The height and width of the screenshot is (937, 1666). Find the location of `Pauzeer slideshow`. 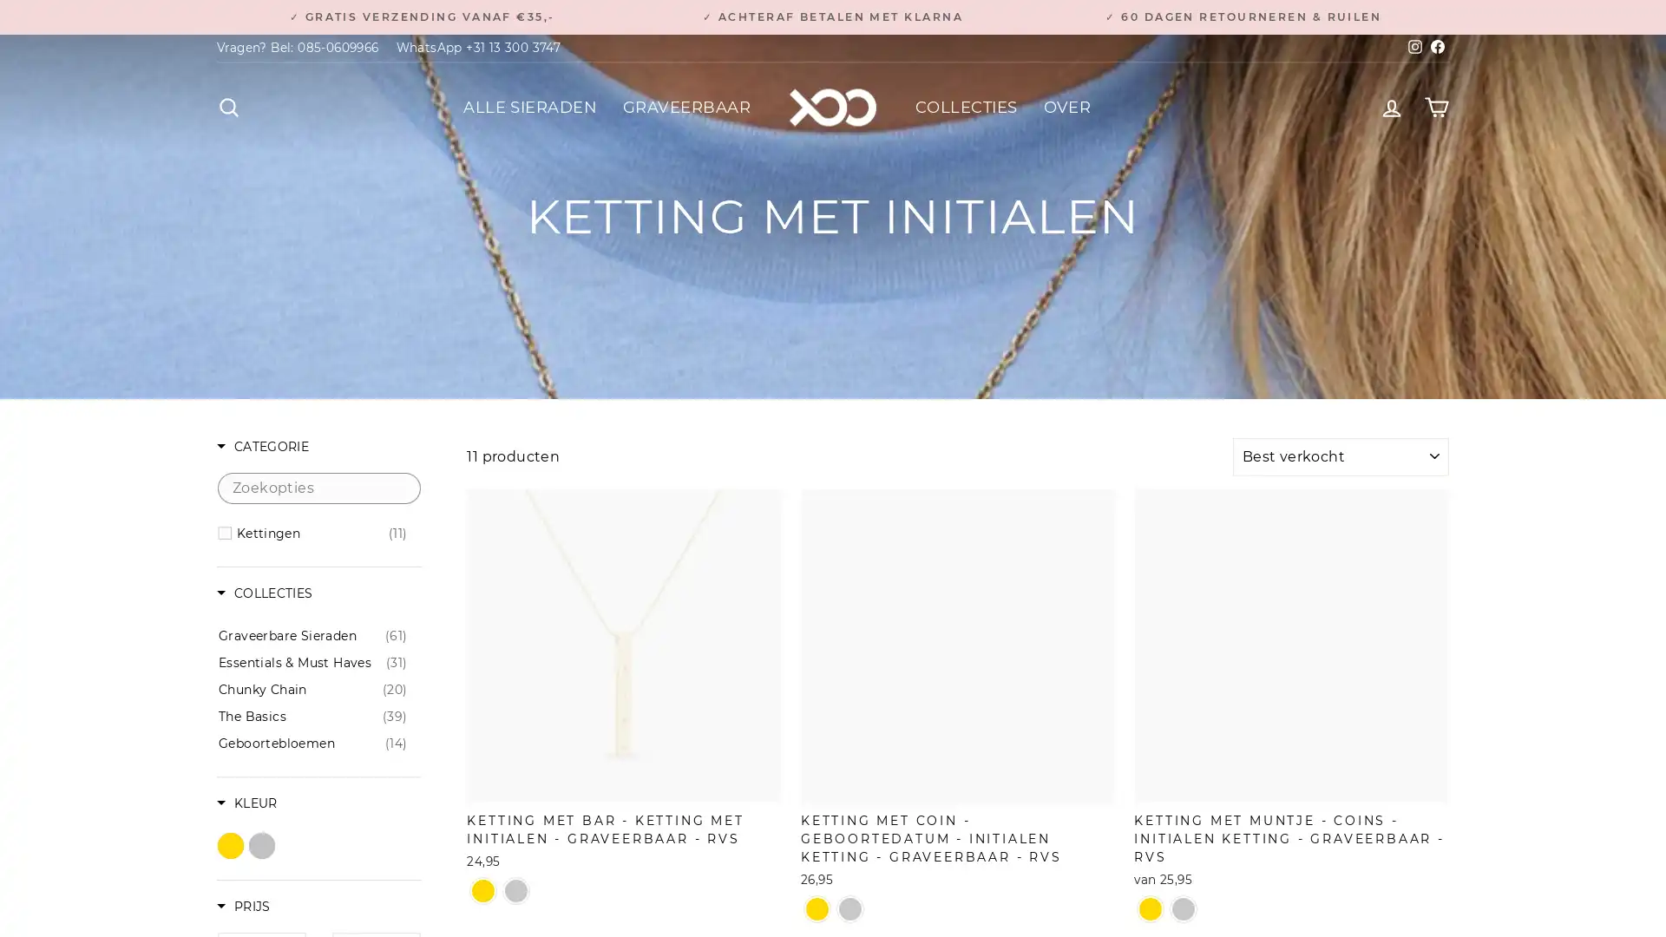

Pauzeer slideshow is located at coordinates (837, 10).